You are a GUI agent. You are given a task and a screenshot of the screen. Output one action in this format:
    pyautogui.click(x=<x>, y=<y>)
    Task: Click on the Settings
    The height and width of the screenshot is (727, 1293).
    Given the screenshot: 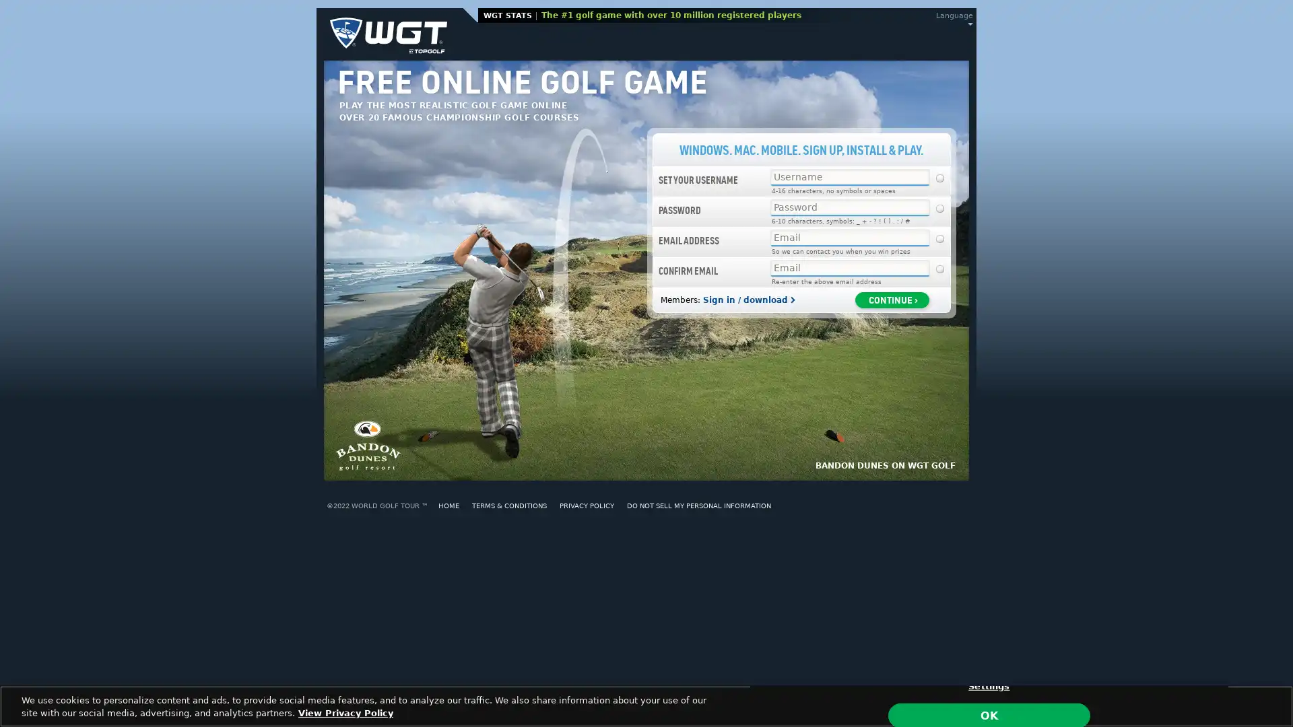 What is the action you would take?
    pyautogui.click(x=989, y=686)
    